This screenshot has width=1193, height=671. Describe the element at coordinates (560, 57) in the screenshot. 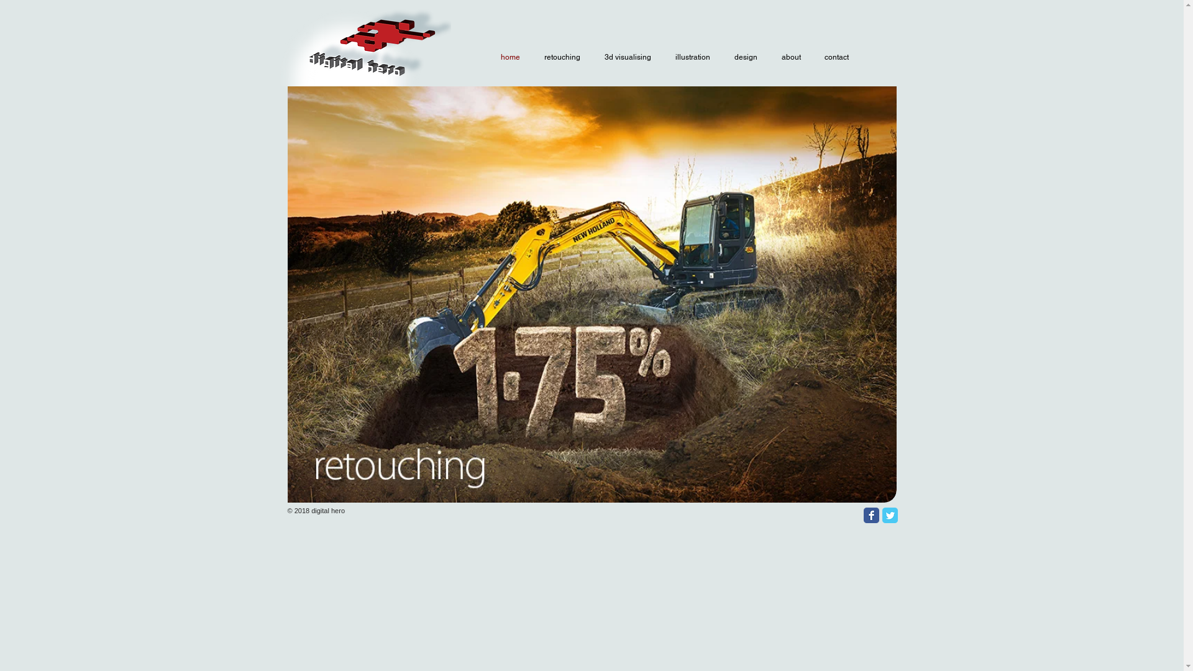

I see `'retouching'` at that location.